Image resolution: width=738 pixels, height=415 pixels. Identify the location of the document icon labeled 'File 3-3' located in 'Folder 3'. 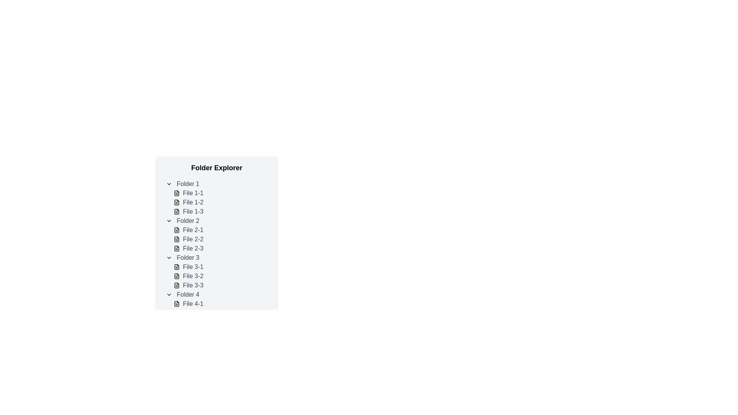
(176, 286).